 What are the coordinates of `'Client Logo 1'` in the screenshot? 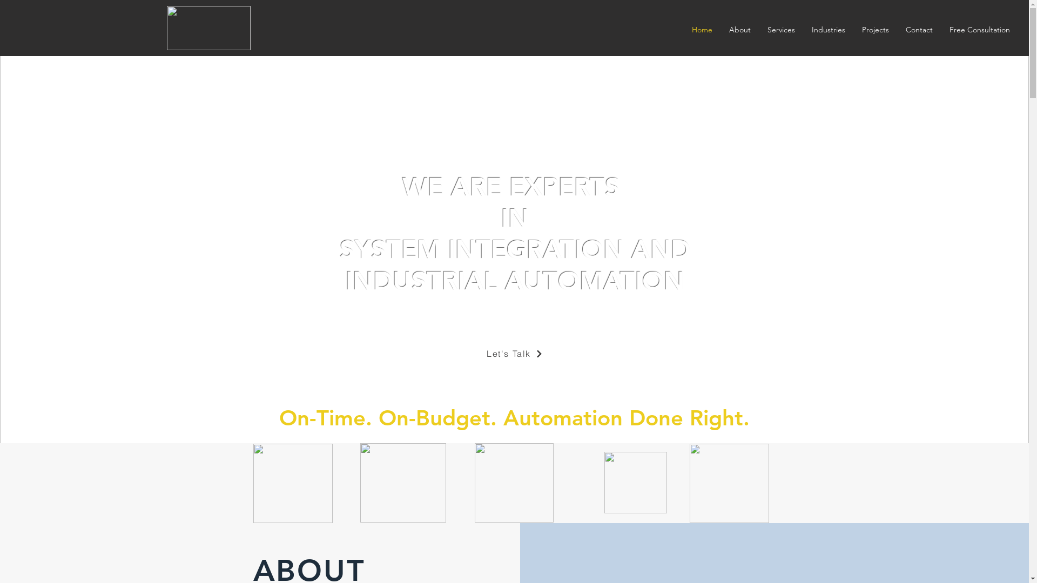 It's located at (252, 483).